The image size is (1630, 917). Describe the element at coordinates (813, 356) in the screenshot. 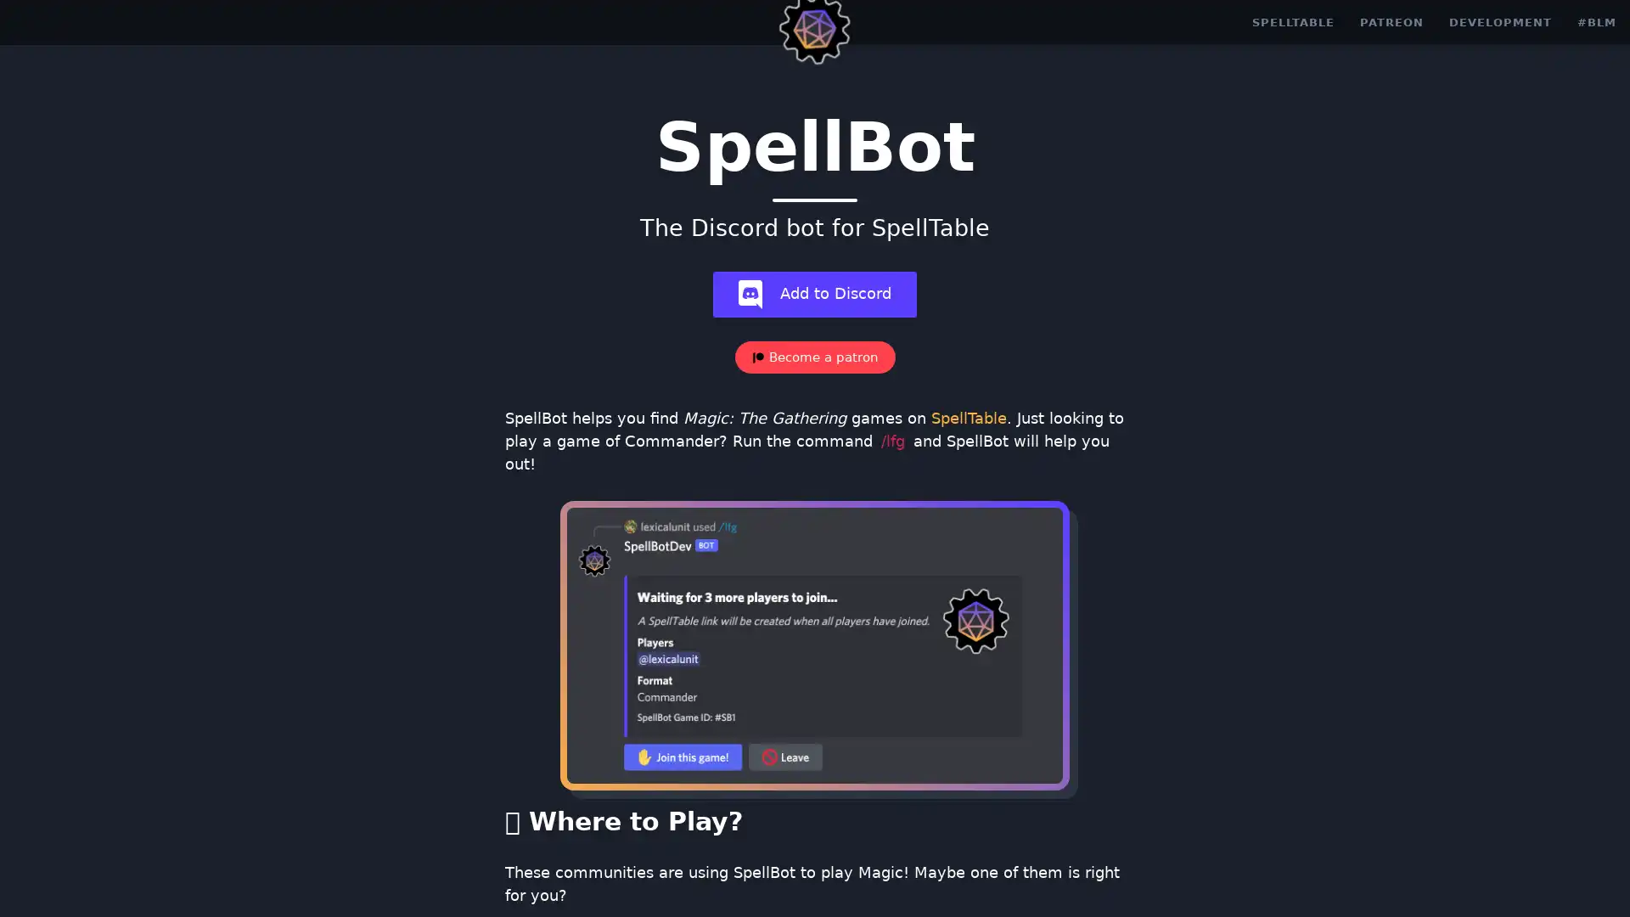

I see `Become a patron` at that location.